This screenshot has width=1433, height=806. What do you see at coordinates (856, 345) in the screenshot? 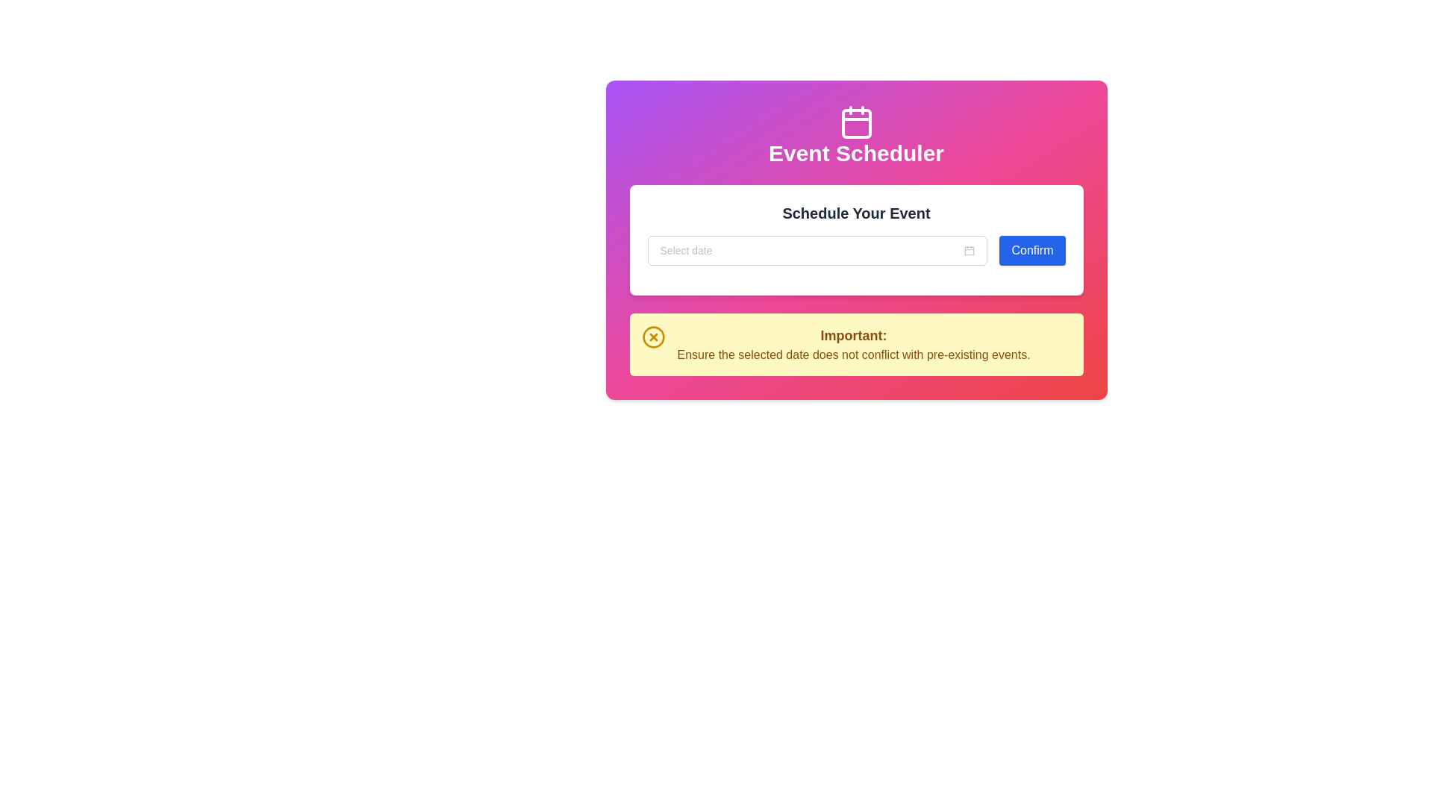
I see `the warning in the Informational Alert Box located at the bottom of the scheduler interface, beneath the date picker section` at bounding box center [856, 345].